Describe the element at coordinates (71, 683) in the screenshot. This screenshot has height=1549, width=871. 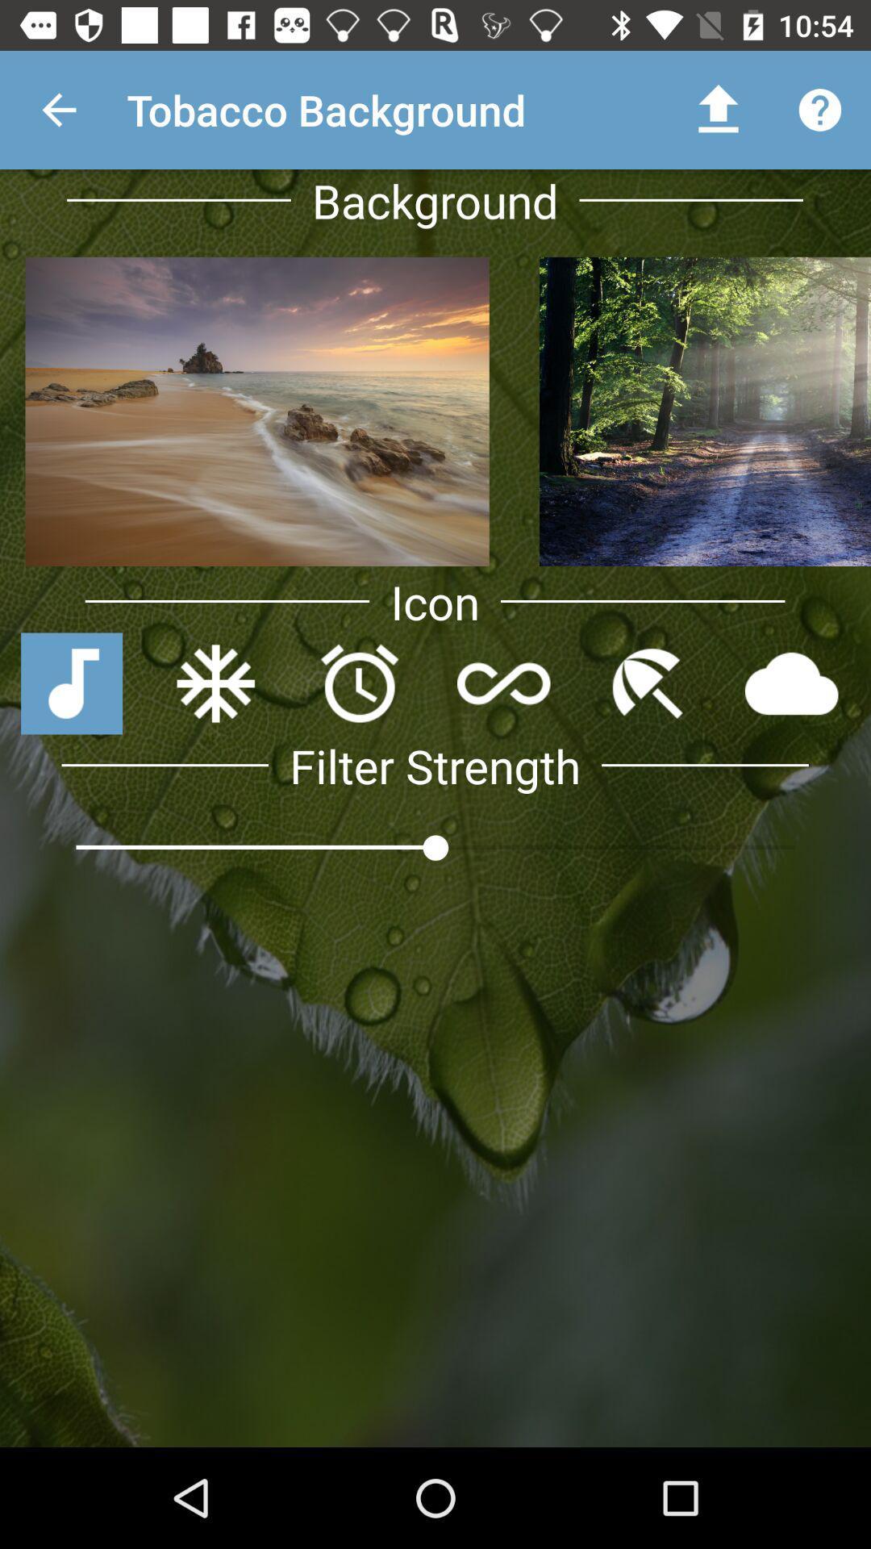
I see `the music icon` at that location.